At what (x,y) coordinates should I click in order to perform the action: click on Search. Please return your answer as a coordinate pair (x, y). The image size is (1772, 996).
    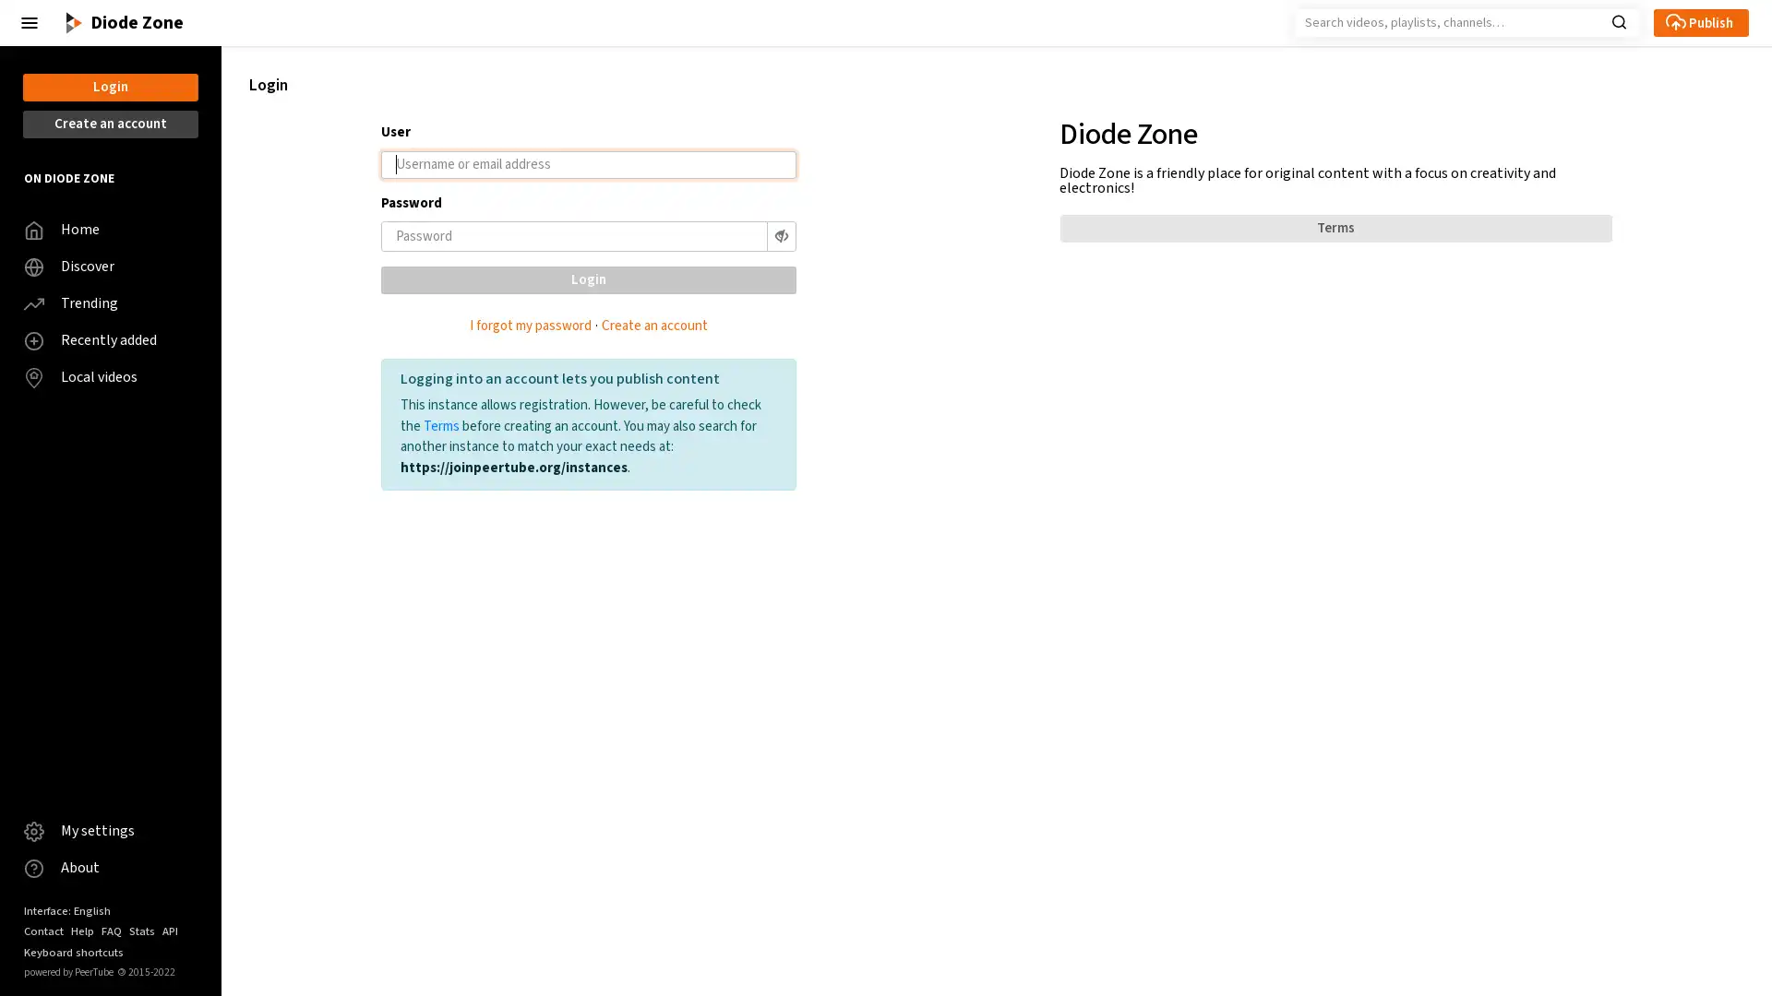
    Looking at the image, I should click on (1618, 20).